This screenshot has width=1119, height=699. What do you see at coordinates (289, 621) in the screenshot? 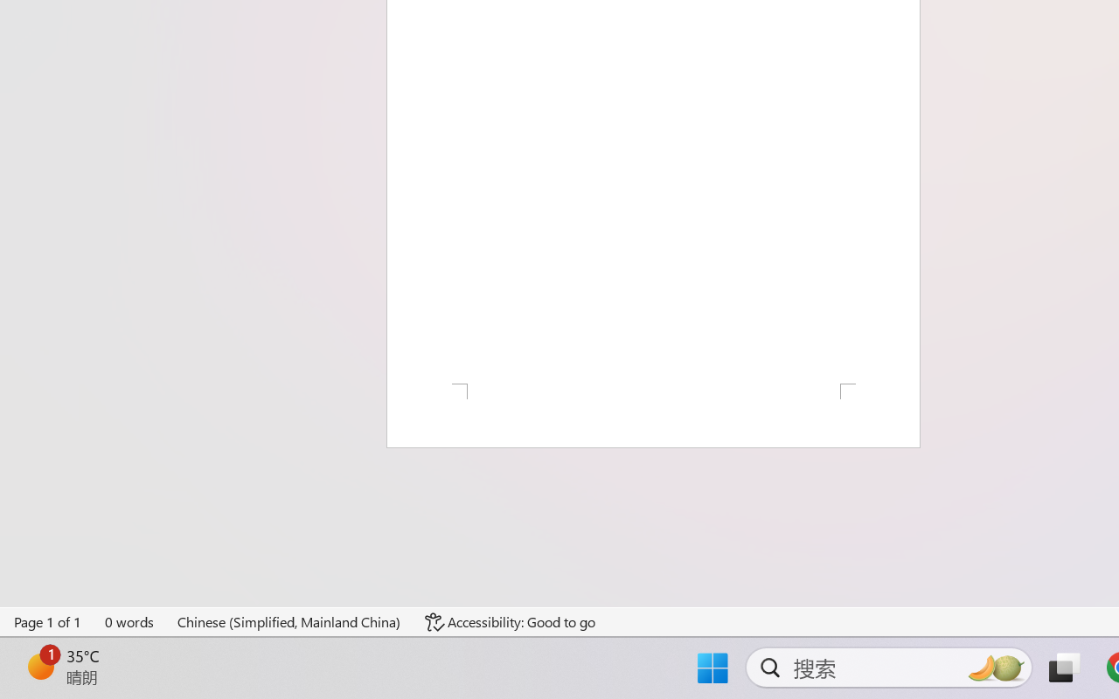
I see `'Language Chinese (Simplified, Mainland China)'` at bounding box center [289, 621].